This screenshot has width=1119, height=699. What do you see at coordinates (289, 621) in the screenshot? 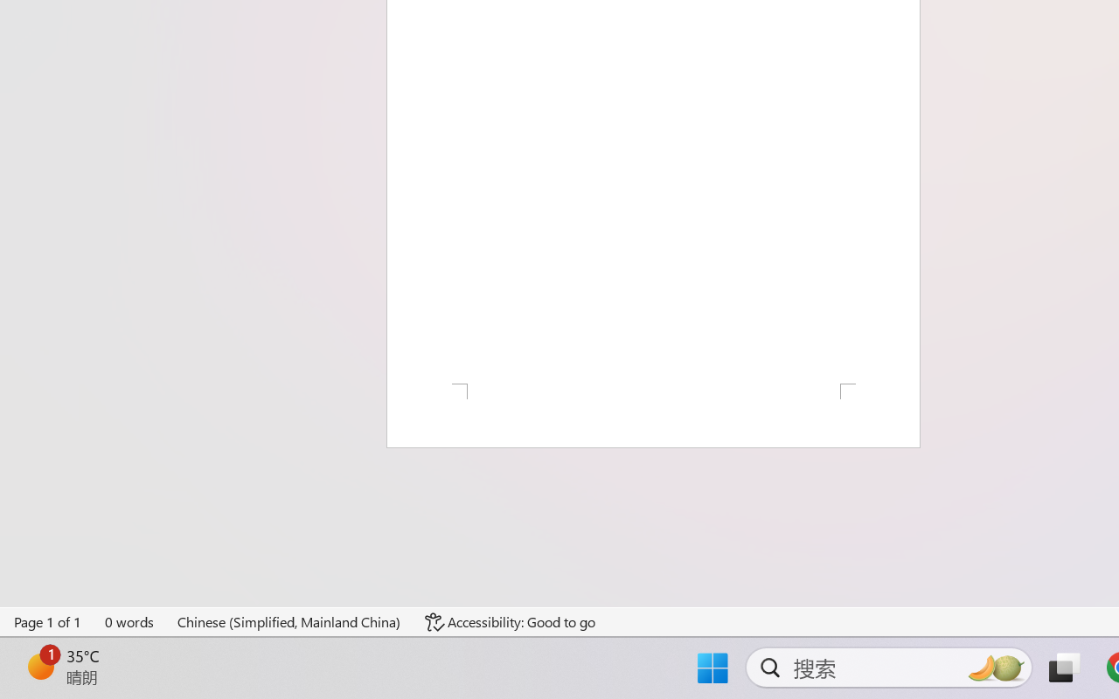
I see `'Language Chinese (Simplified, Mainland China)'` at bounding box center [289, 621].